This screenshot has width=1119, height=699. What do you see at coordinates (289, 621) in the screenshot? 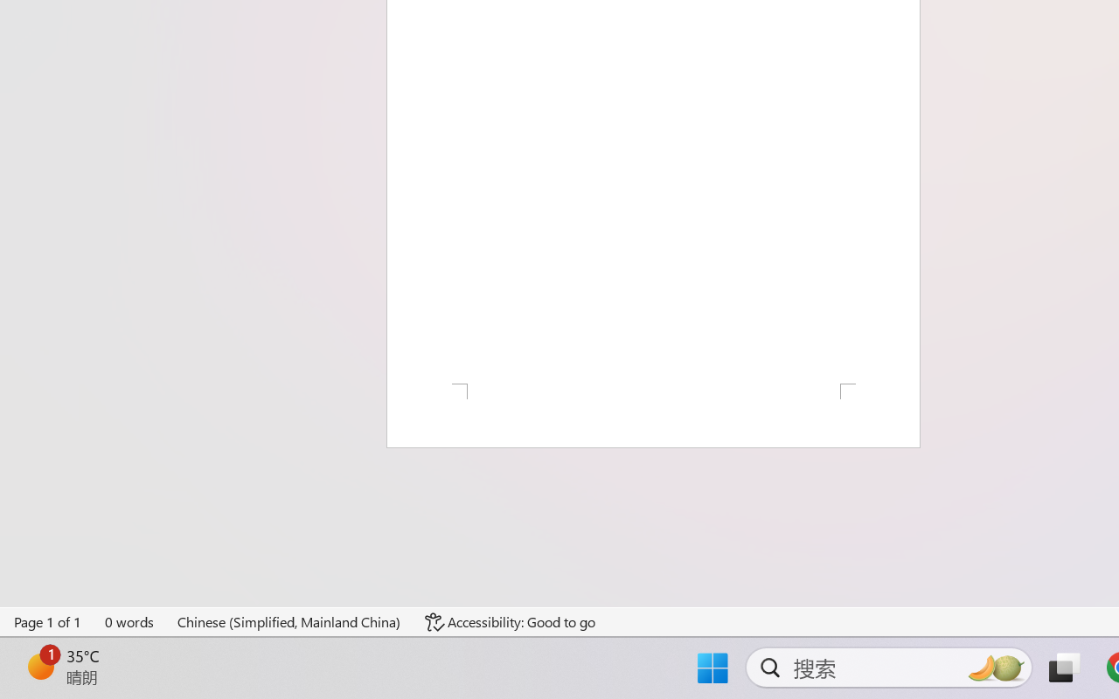
I see `'Language Chinese (Simplified, Mainland China)'` at bounding box center [289, 621].